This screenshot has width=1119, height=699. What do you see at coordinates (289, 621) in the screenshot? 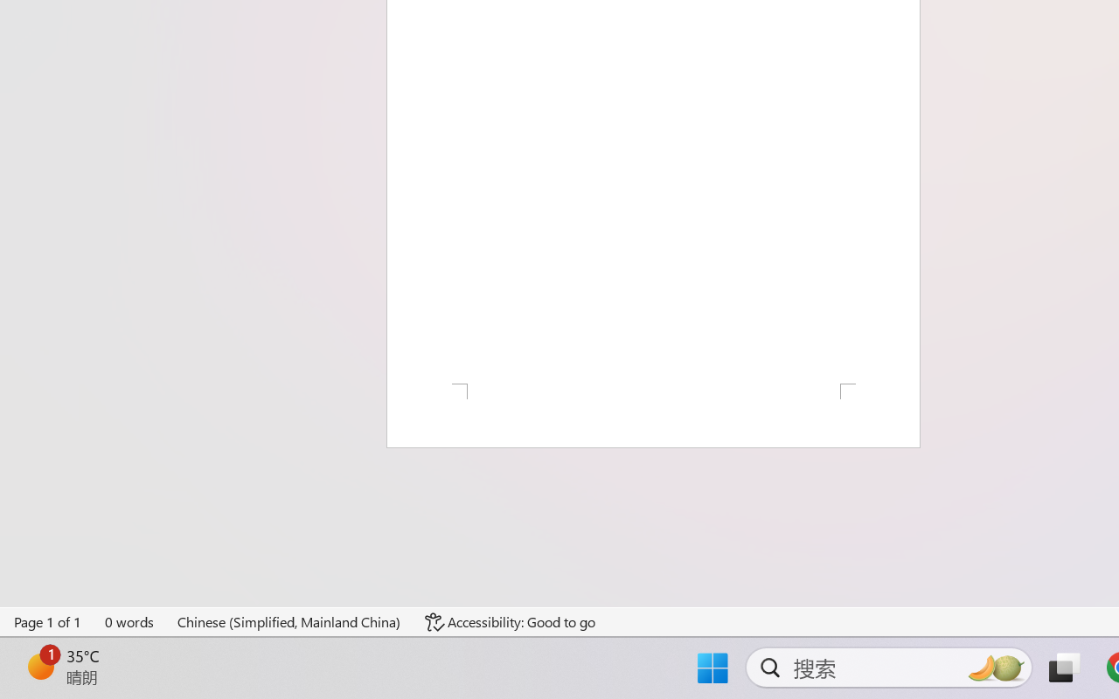
I see `'Language Chinese (Simplified, Mainland China)'` at bounding box center [289, 621].